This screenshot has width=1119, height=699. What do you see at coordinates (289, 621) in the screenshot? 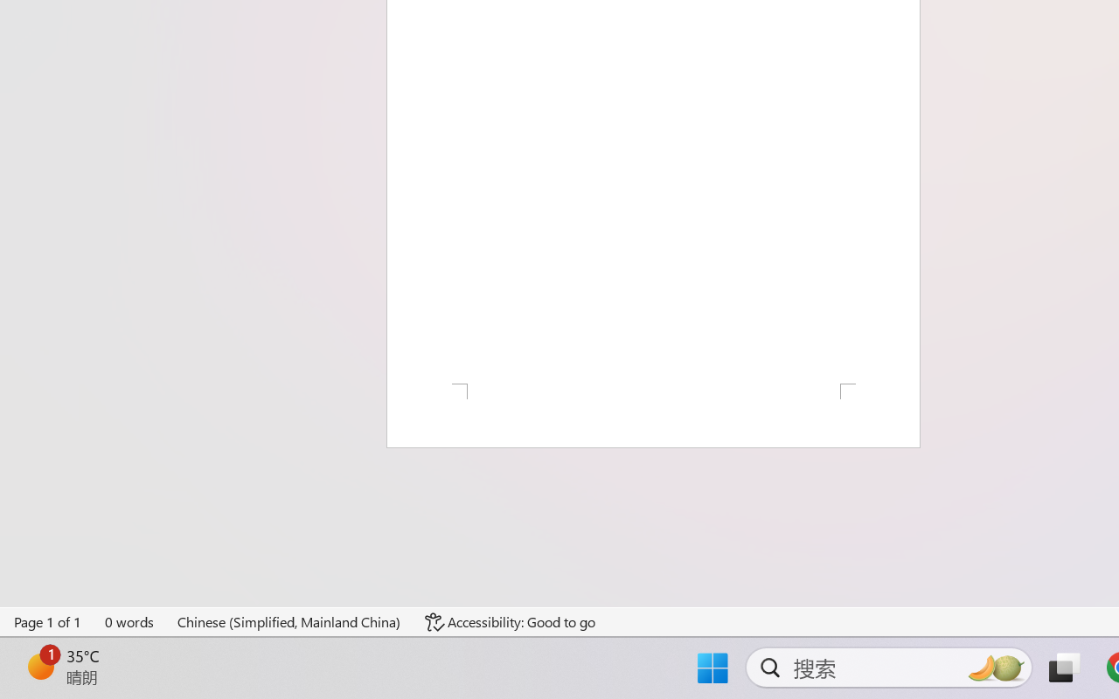
I see `'Language Chinese (Simplified, Mainland China)'` at bounding box center [289, 621].